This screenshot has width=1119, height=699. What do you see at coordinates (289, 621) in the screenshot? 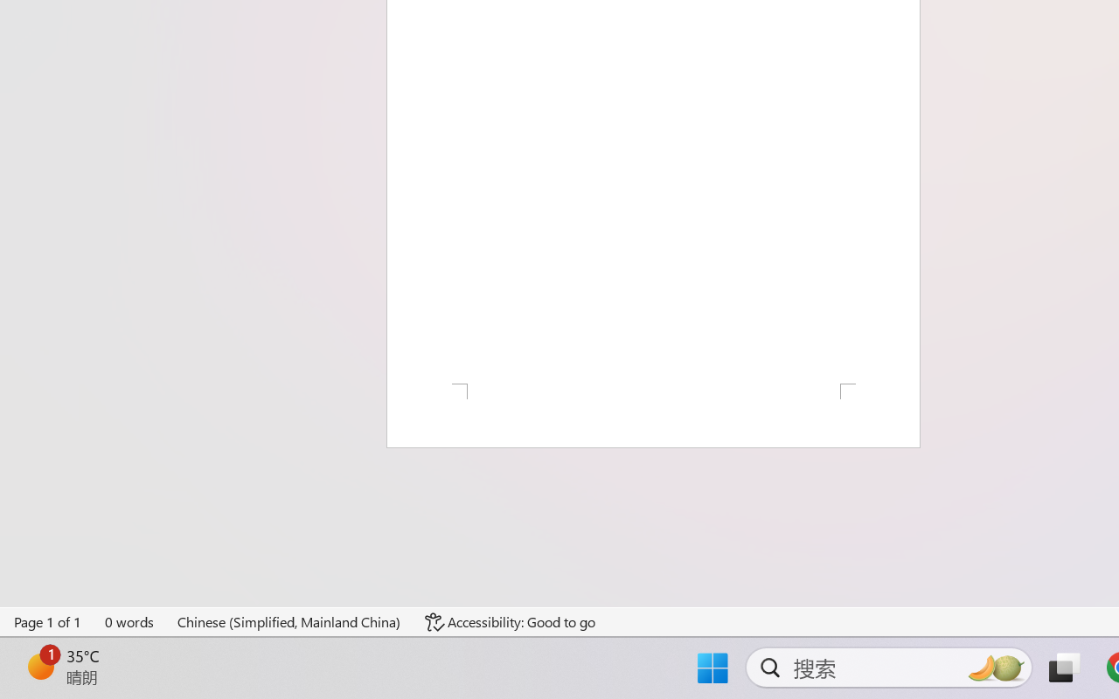
I see `'Language Chinese (Simplified, Mainland China)'` at bounding box center [289, 621].